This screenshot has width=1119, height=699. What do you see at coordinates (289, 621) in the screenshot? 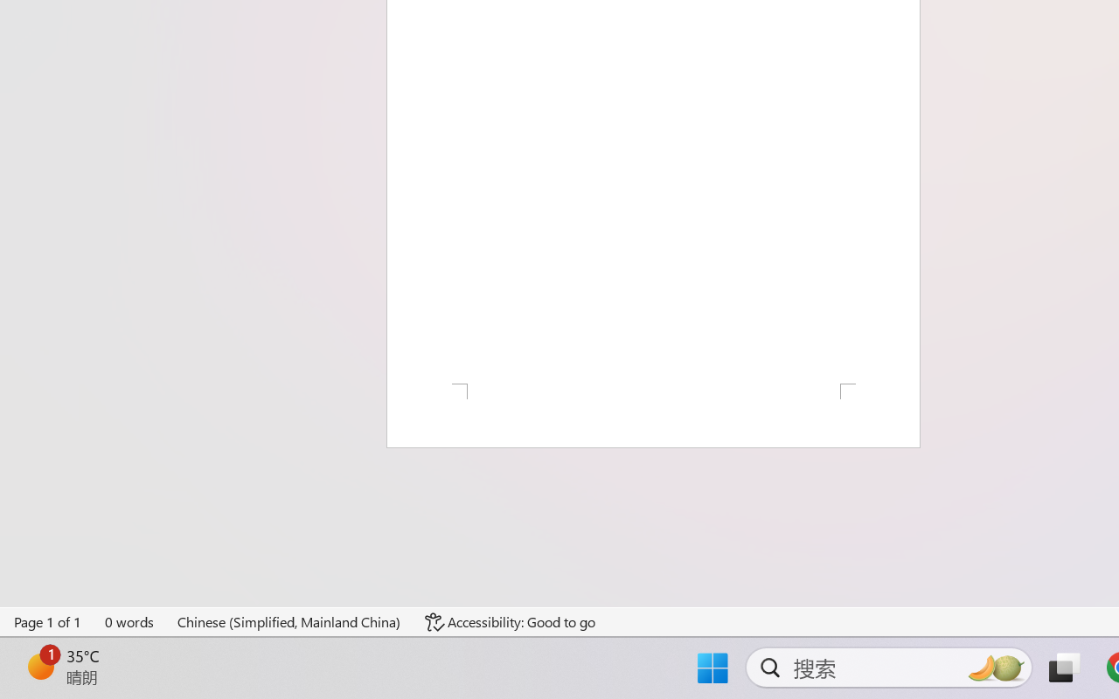
I see `'Language Chinese (Simplified, Mainland China)'` at bounding box center [289, 621].